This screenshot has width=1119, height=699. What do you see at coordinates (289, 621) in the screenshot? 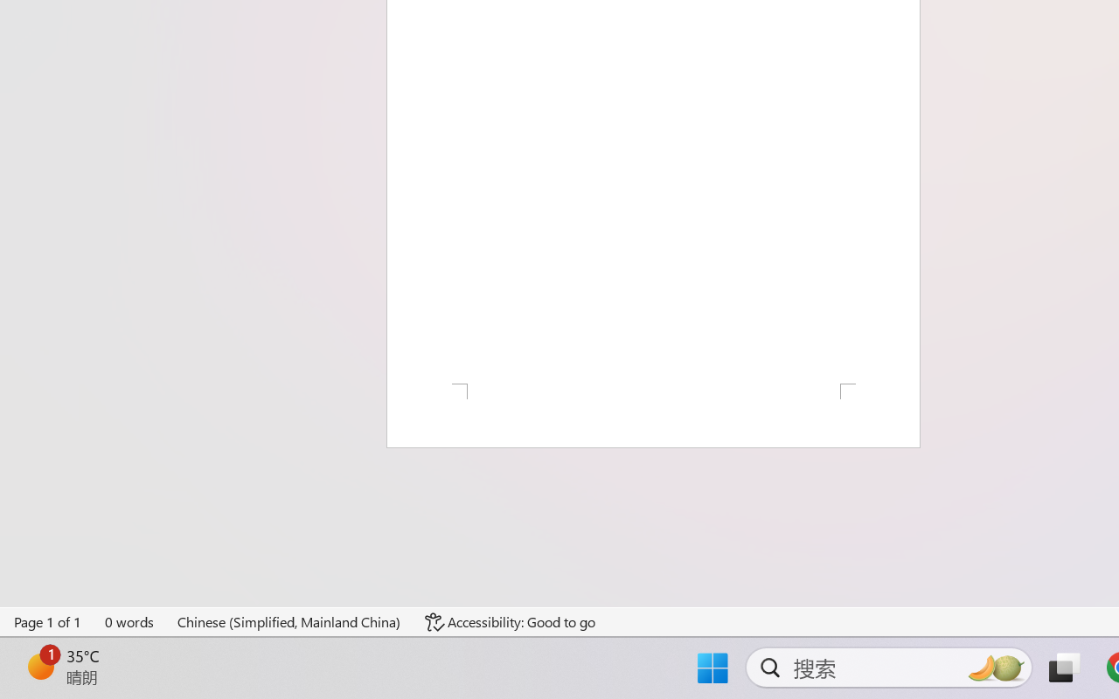
I see `'Language Chinese (Simplified, Mainland China)'` at bounding box center [289, 621].